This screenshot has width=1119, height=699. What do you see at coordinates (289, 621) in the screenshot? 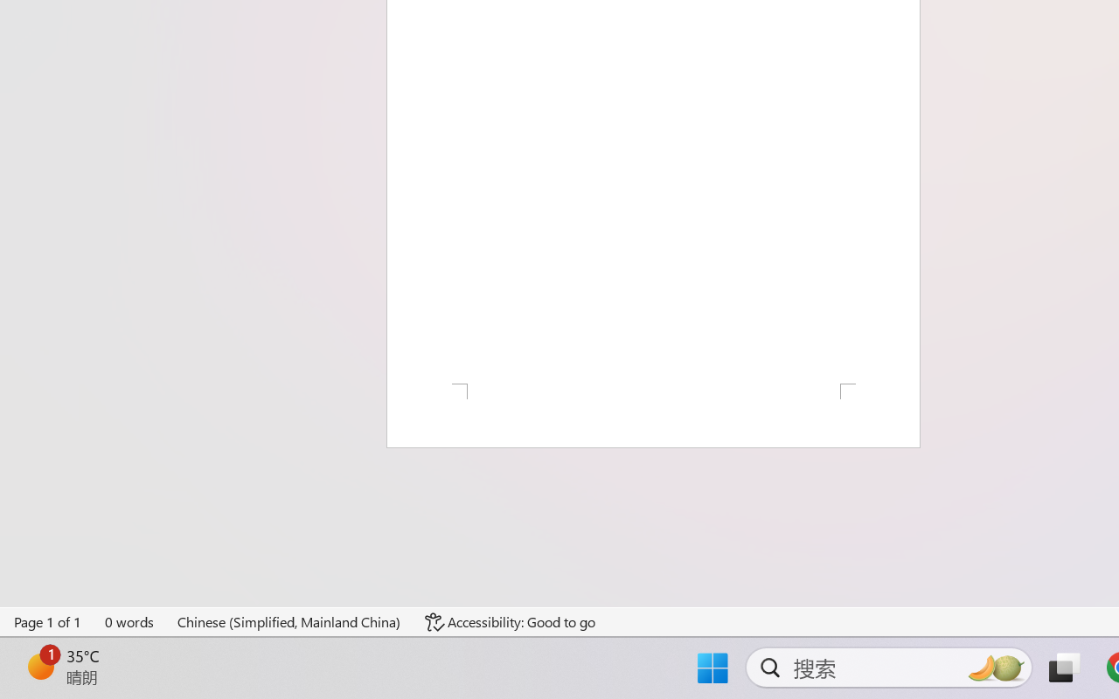
I see `'Language Chinese (Simplified, Mainland China)'` at bounding box center [289, 621].